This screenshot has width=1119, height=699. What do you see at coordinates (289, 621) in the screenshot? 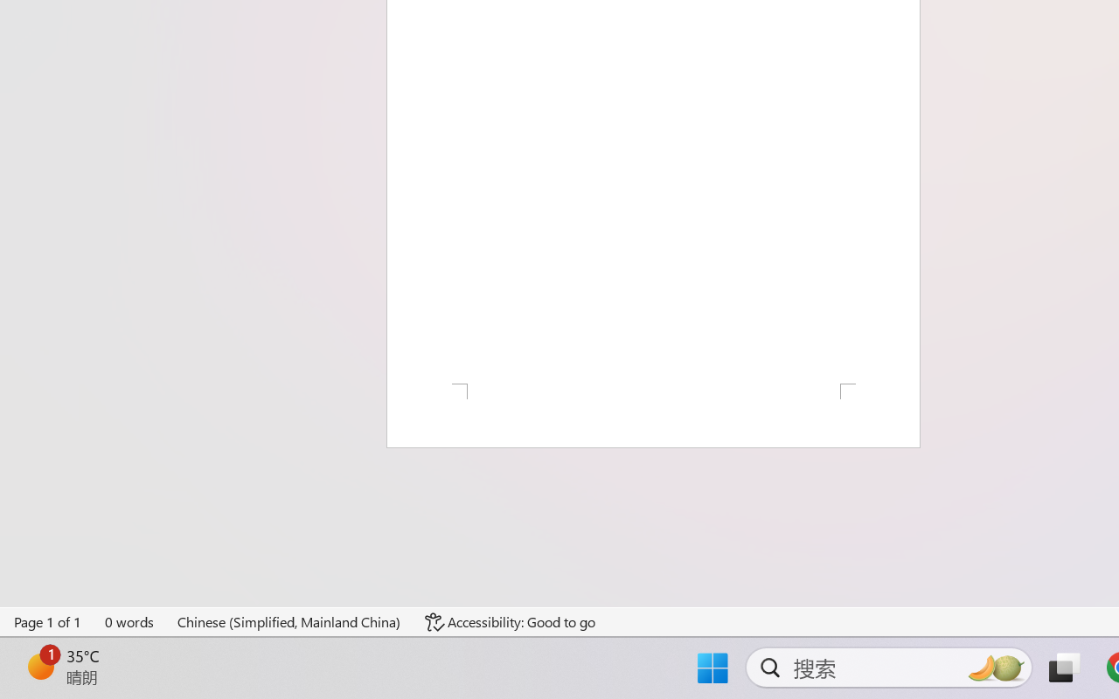
I see `'Language Chinese (Simplified, Mainland China)'` at bounding box center [289, 621].